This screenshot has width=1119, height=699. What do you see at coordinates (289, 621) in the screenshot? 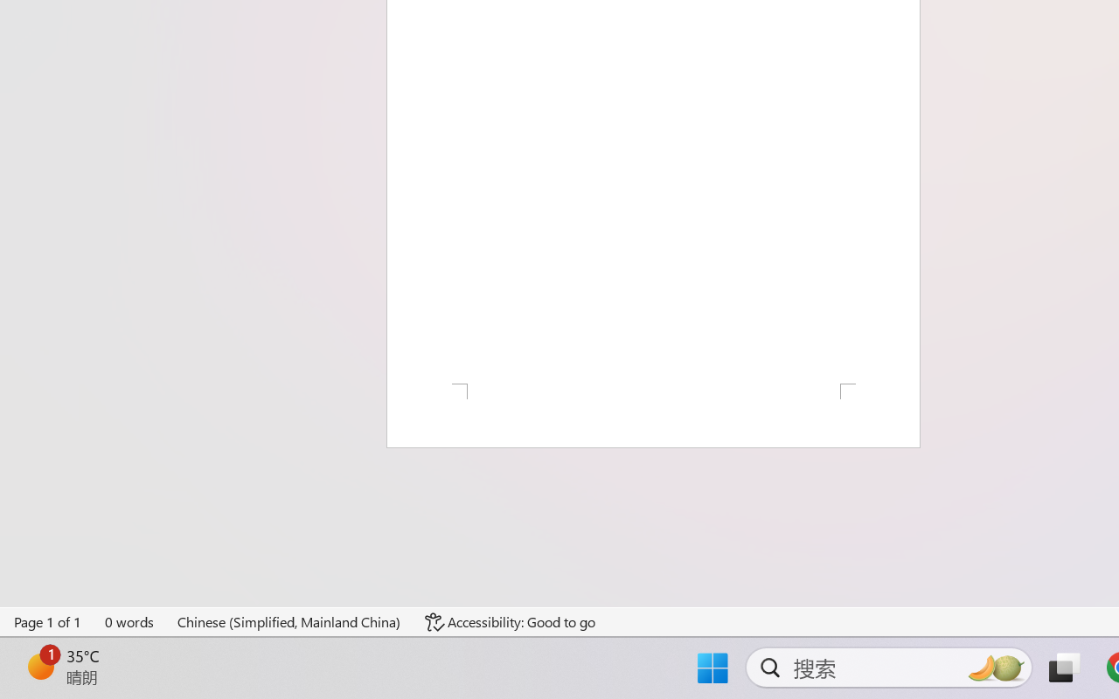
I see `'Language Chinese (Simplified, Mainland China)'` at bounding box center [289, 621].